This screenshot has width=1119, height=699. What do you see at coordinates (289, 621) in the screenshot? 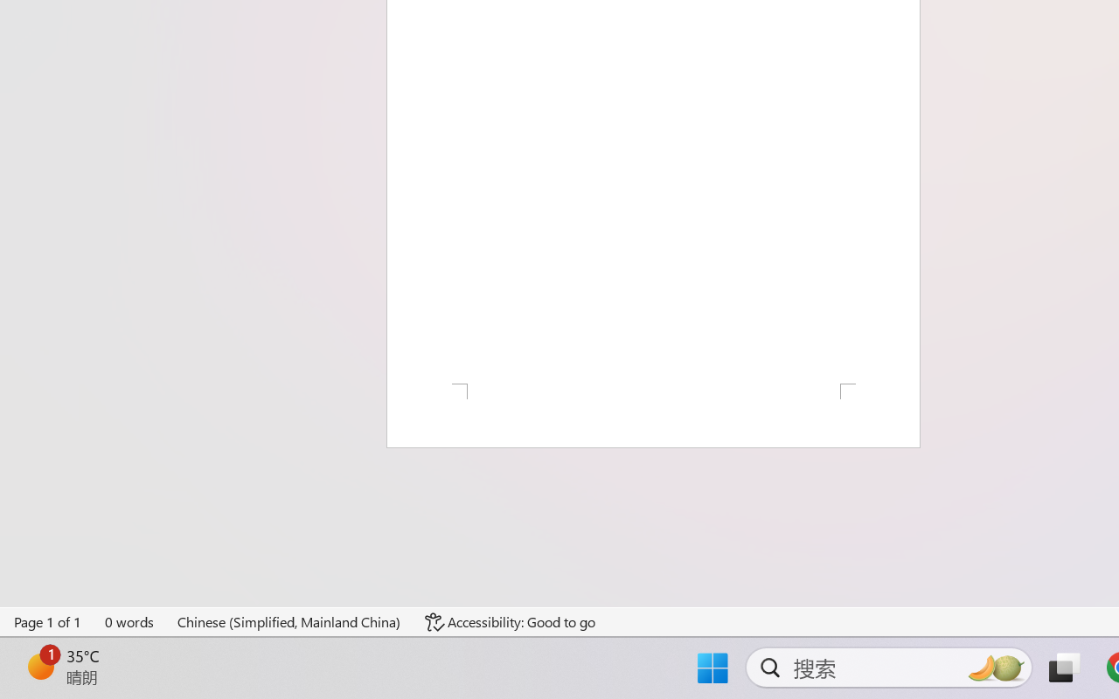
I see `'Language Chinese (Simplified, Mainland China)'` at bounding box center [289, 621].